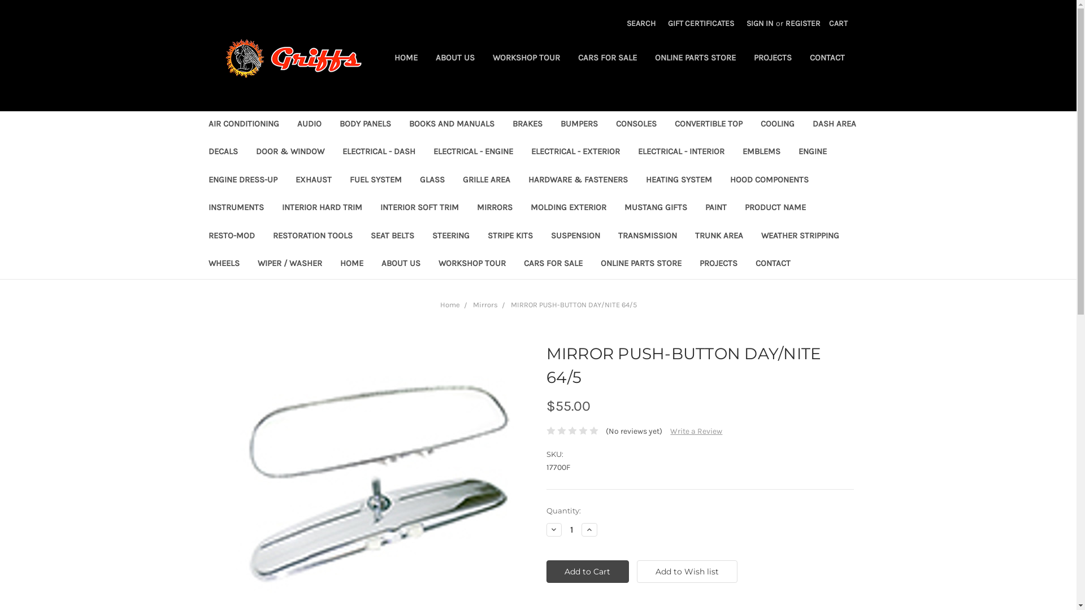  Describe the element at coordinates (375, 180) in the screenshot. I see `'FUEL SYSTEM'` at that location.